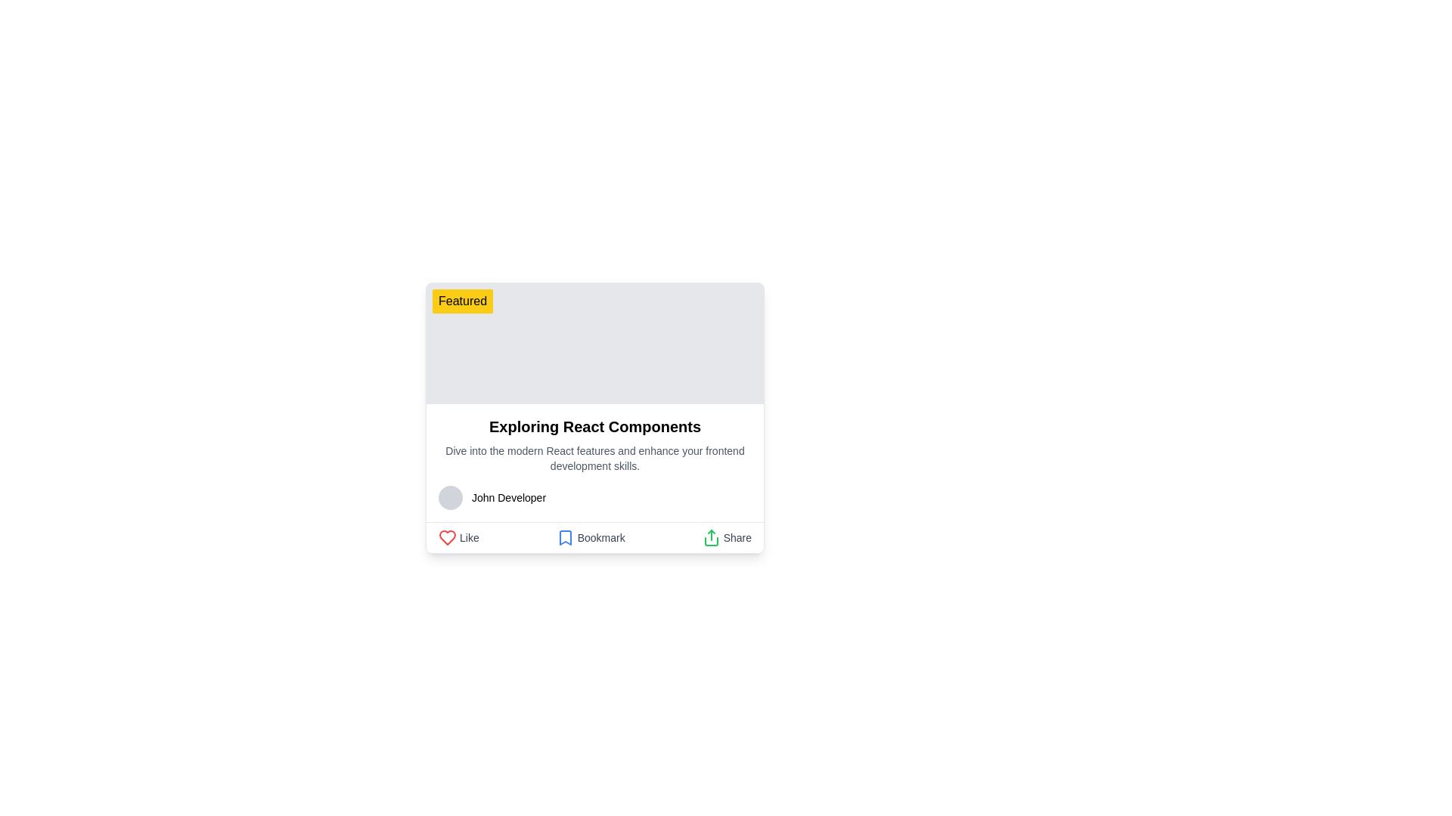 This screenshot has width=1452, height=816. I want to click on the 'Share' text label located in the bottom-right corner of the card-like interface, which is styled in a small gray font and is adjacent to a green share icon, so click(737, 537).